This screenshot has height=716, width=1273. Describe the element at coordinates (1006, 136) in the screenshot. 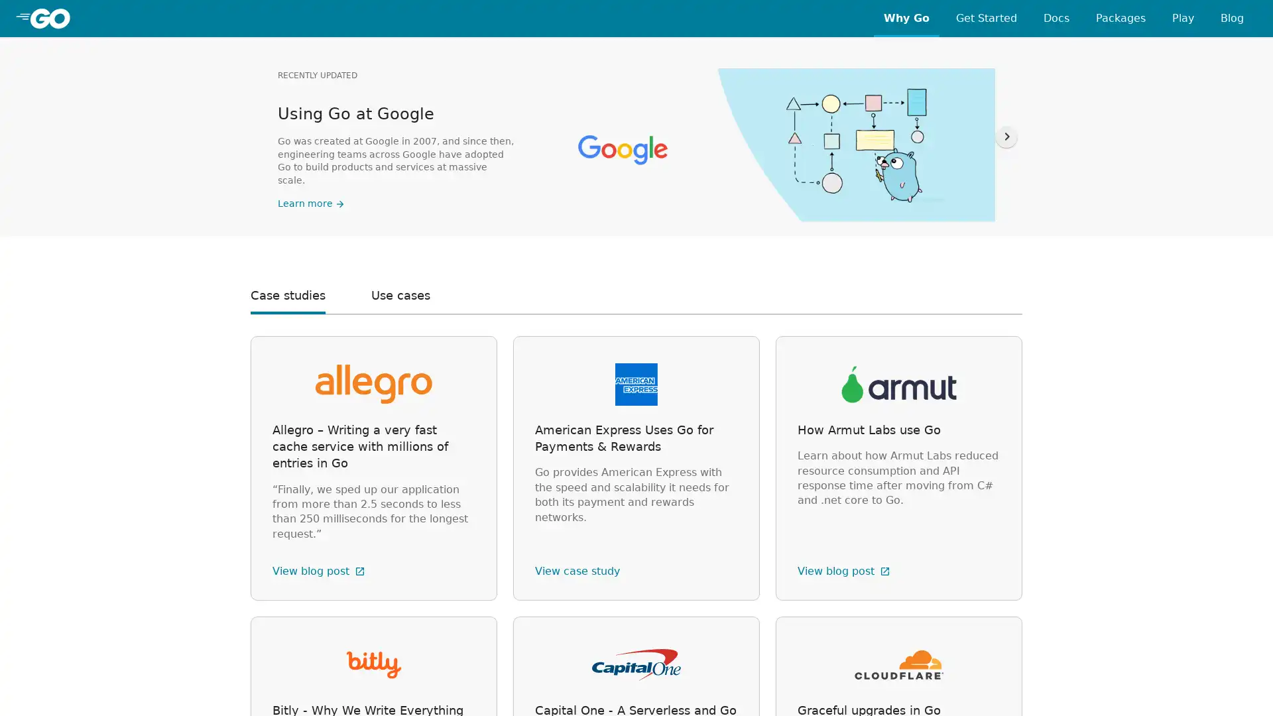

I see `navigate_next` at that location.